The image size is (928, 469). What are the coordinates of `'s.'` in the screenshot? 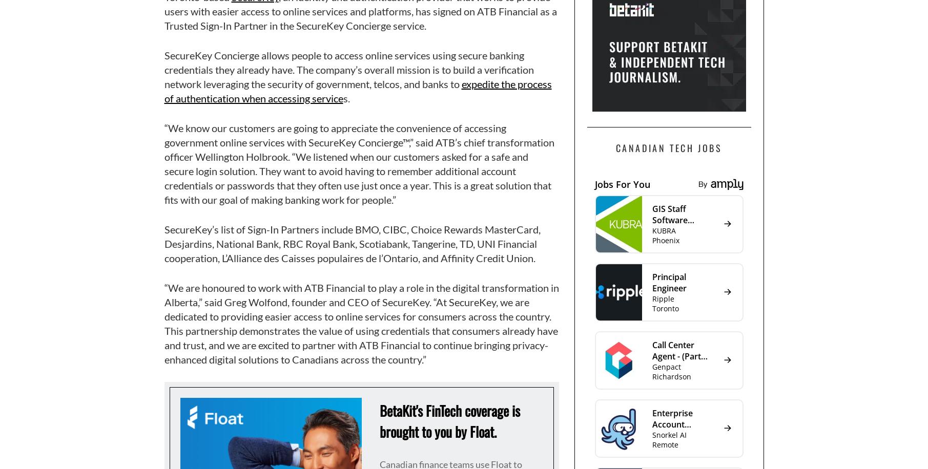 It's located at (342, 97).